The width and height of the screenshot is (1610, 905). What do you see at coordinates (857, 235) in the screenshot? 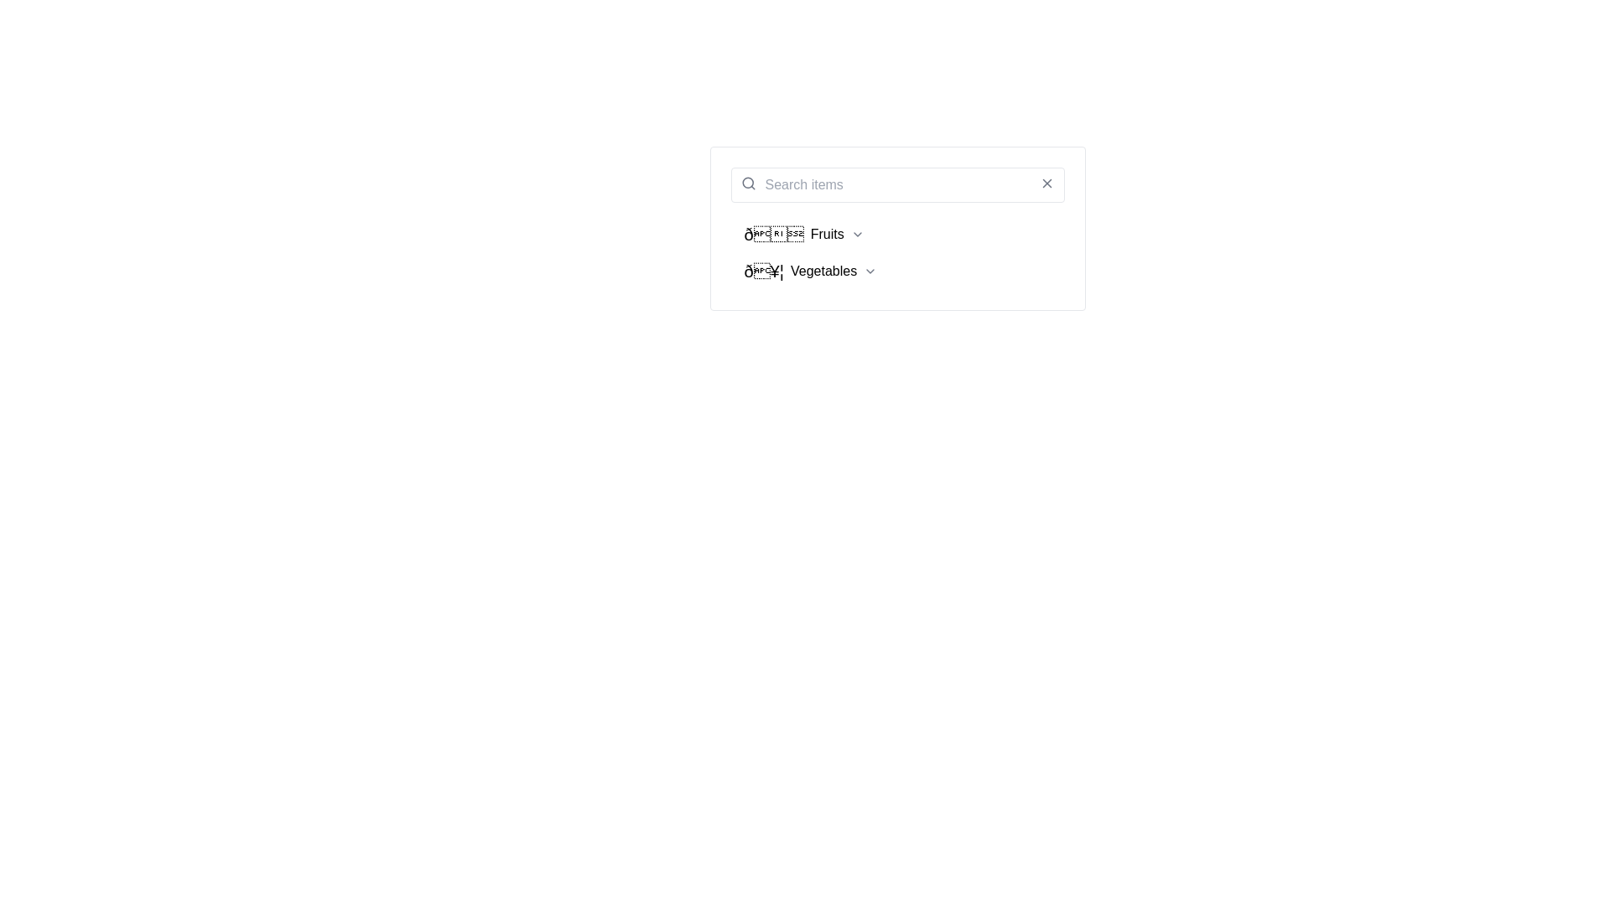
I see `the Dropdown indicator icon located to the far right of the 'Fruits' label` at bounding box center [857, 235].